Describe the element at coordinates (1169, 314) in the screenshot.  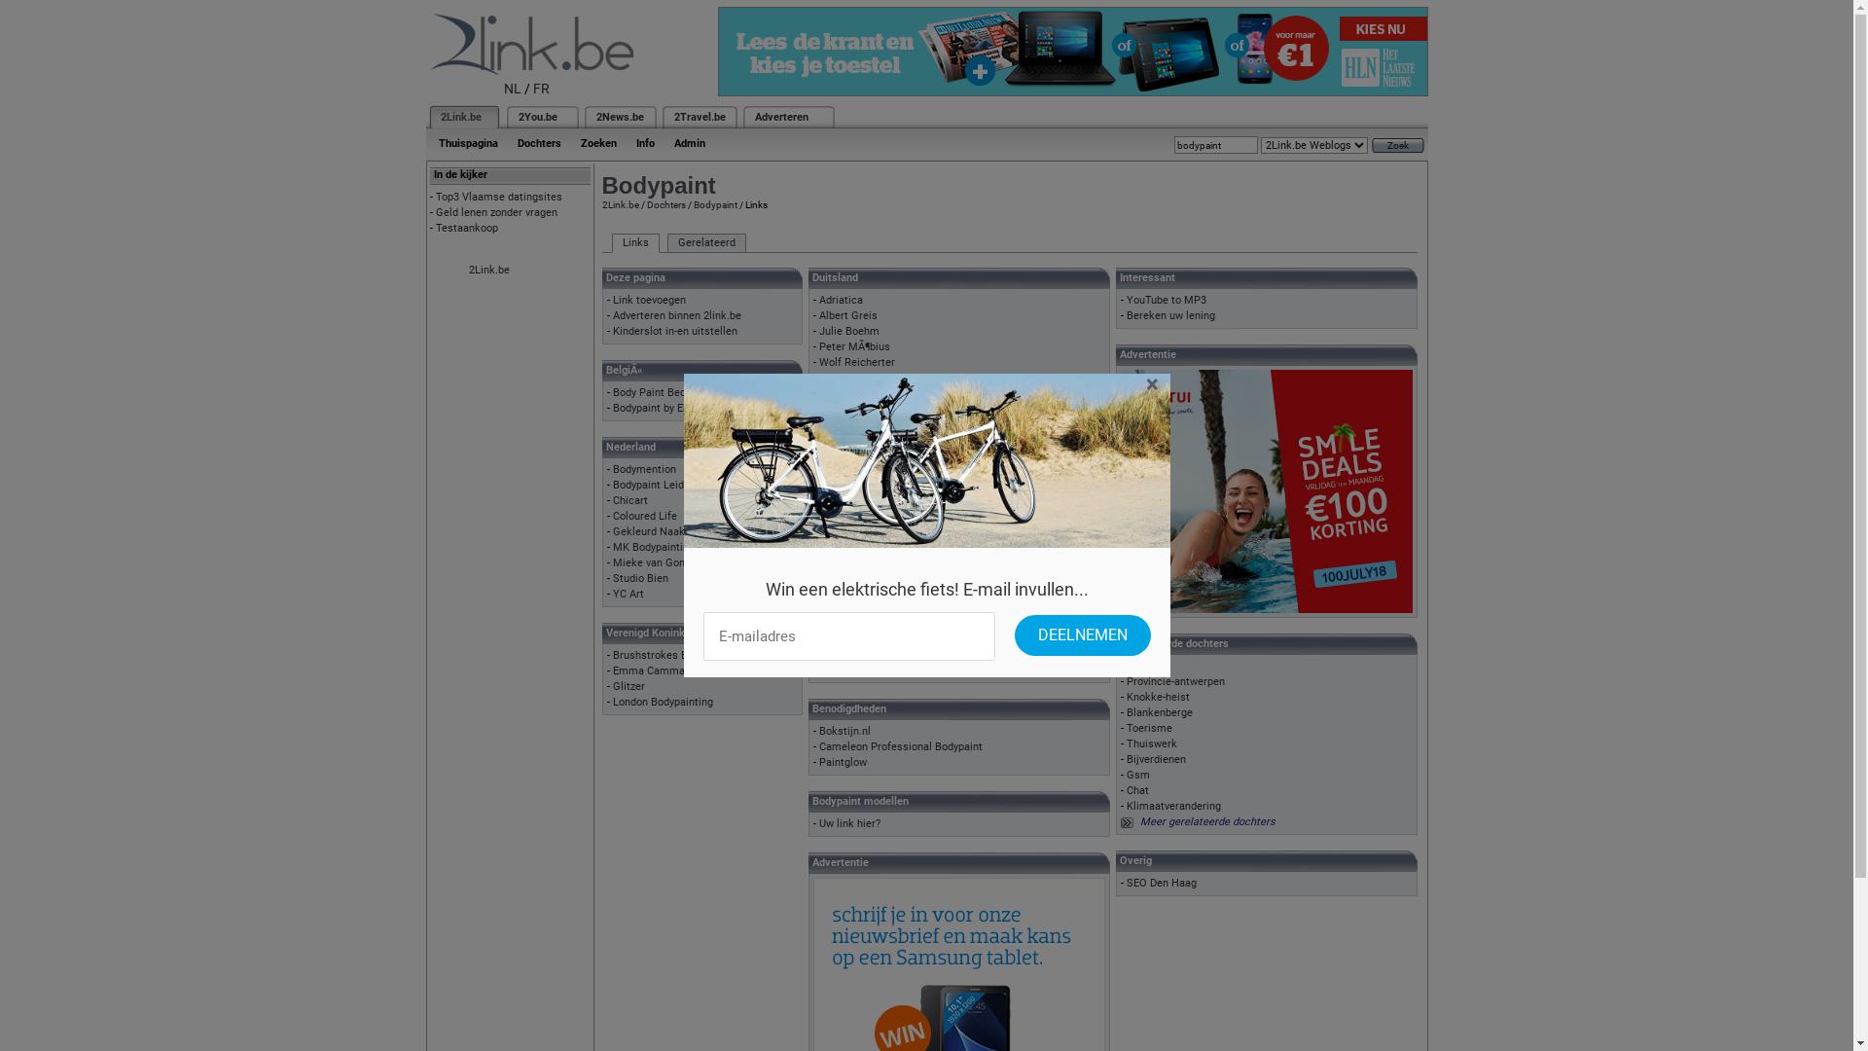
I see `'Bereken uw lening'` at that location.